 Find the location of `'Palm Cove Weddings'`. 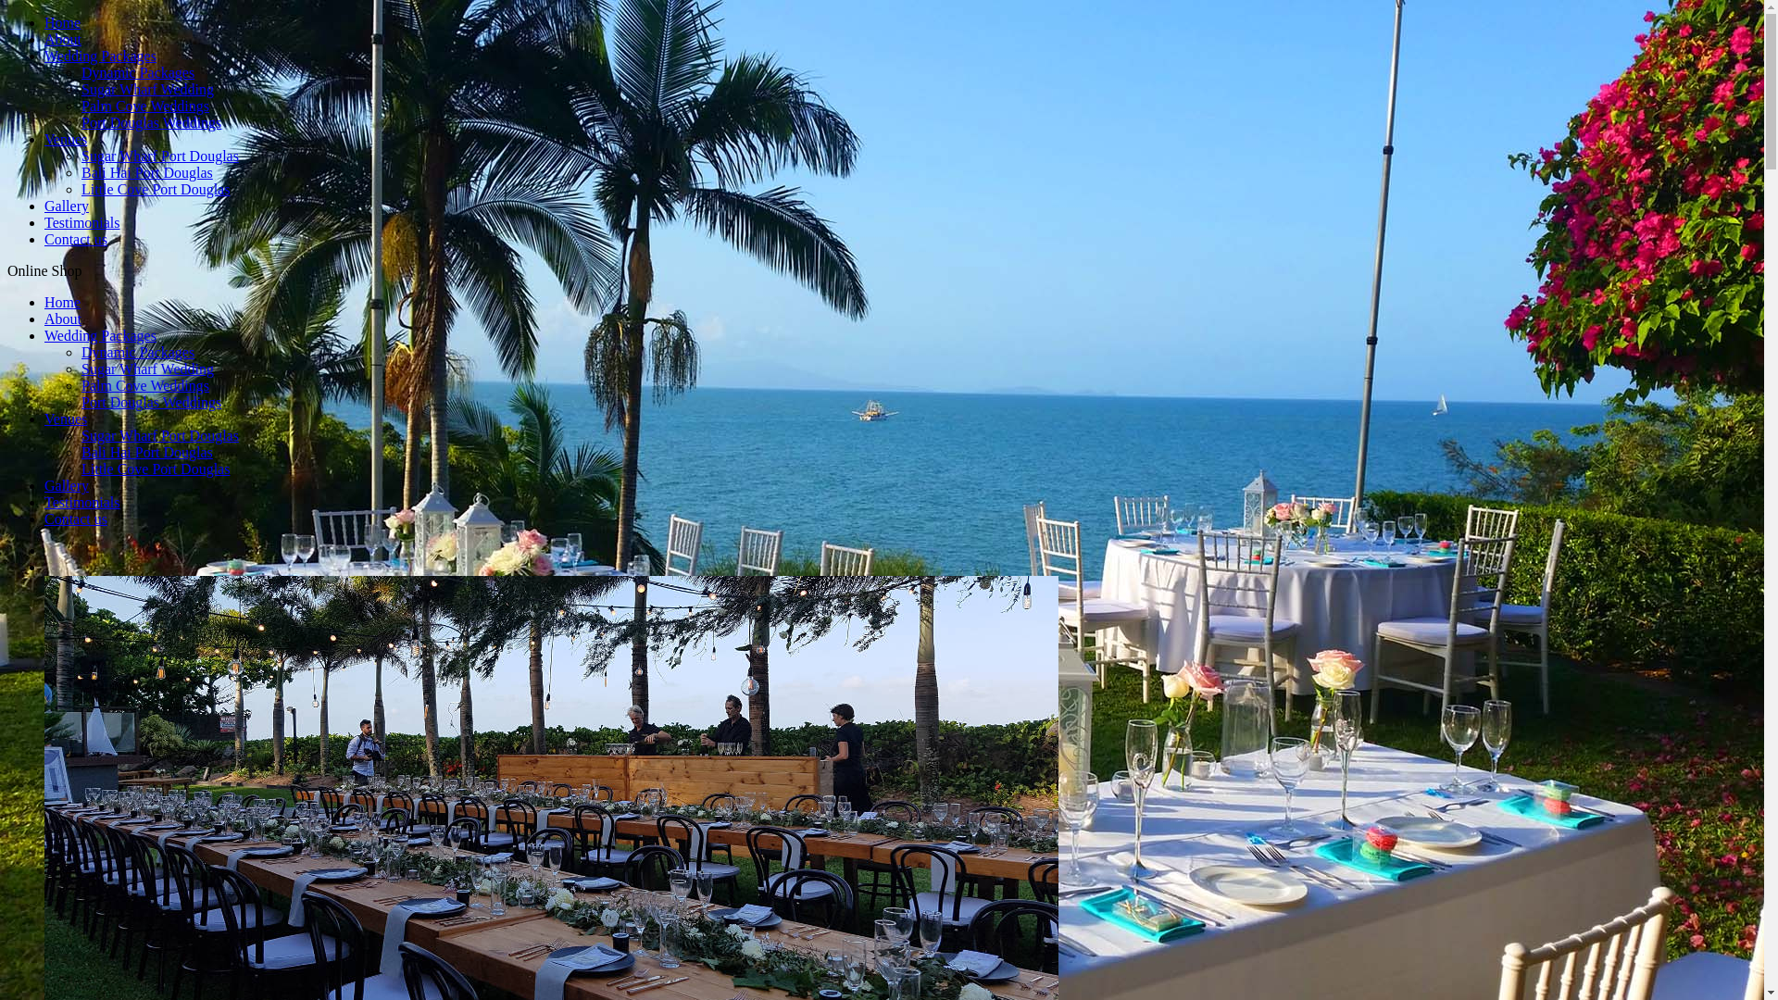

'Palm Cove Weddings' is located at coordinates (144, 384).